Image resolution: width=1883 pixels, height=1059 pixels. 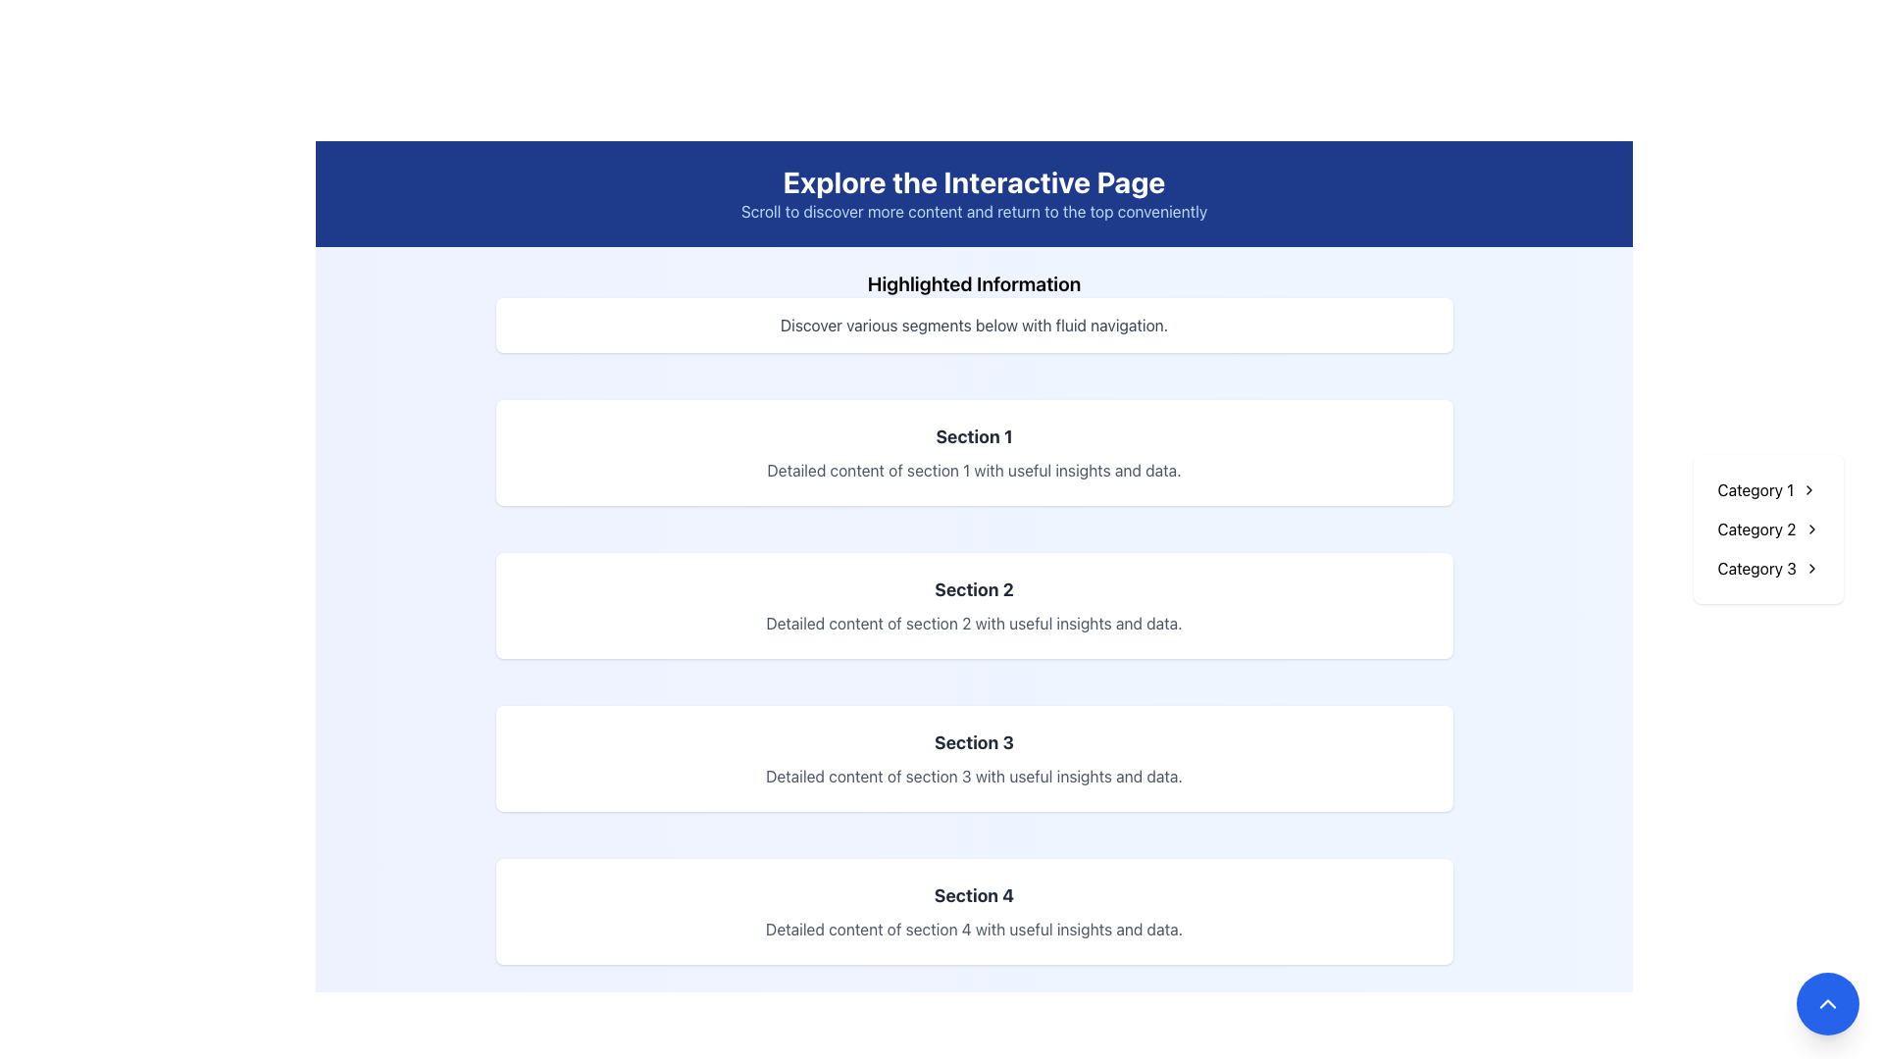 I want to click on the 'Category 2' button in the sidebar navigation, so click(x=1768, y=529).